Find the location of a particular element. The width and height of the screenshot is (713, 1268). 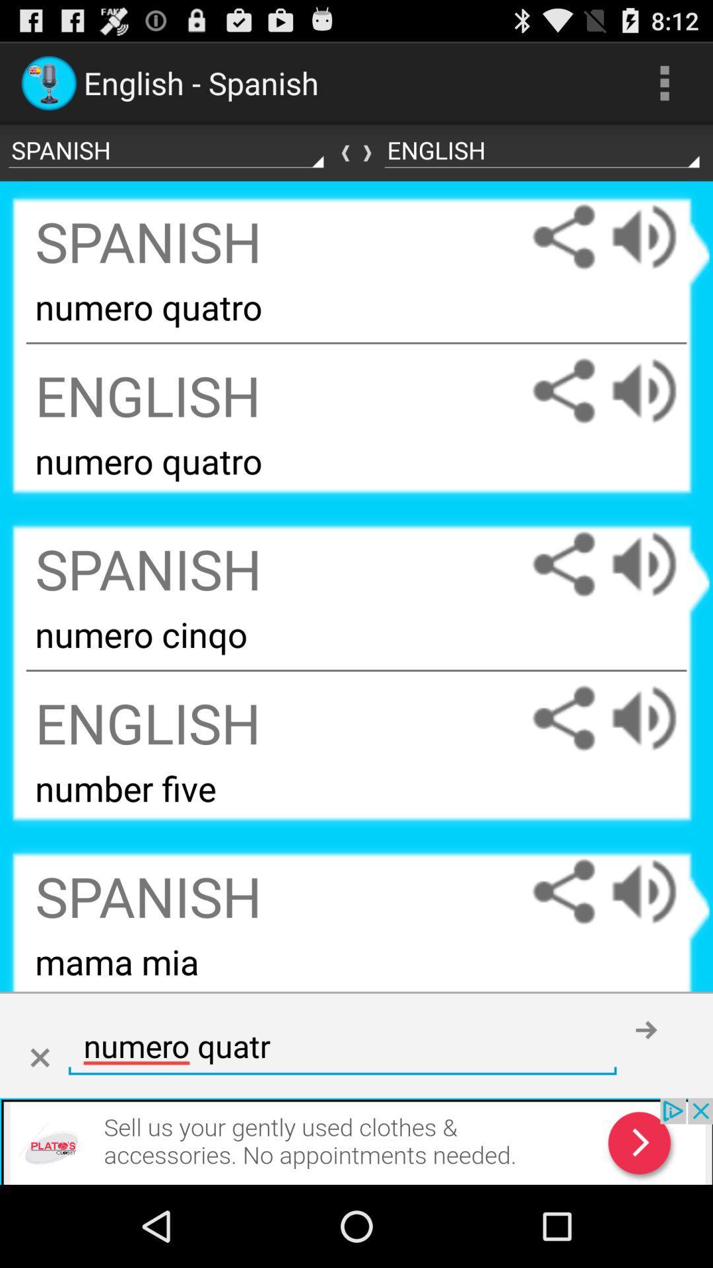

a button to share the word is located at coordinates (563, 564).